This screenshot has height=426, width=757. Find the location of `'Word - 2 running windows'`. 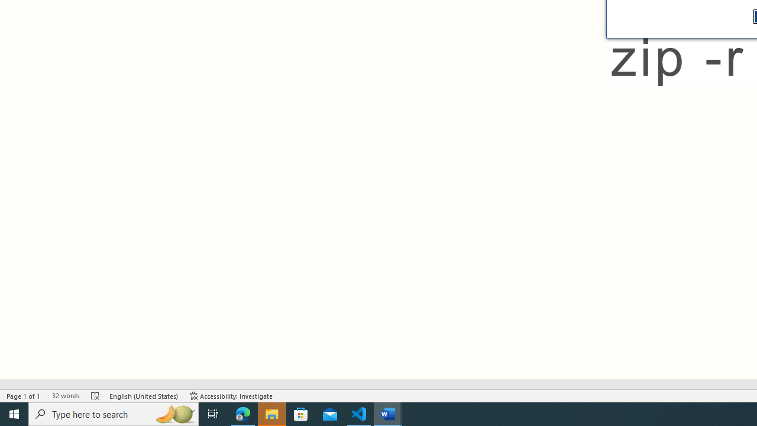

'Word - 2 running windows' is located at coordinates (388, 413).